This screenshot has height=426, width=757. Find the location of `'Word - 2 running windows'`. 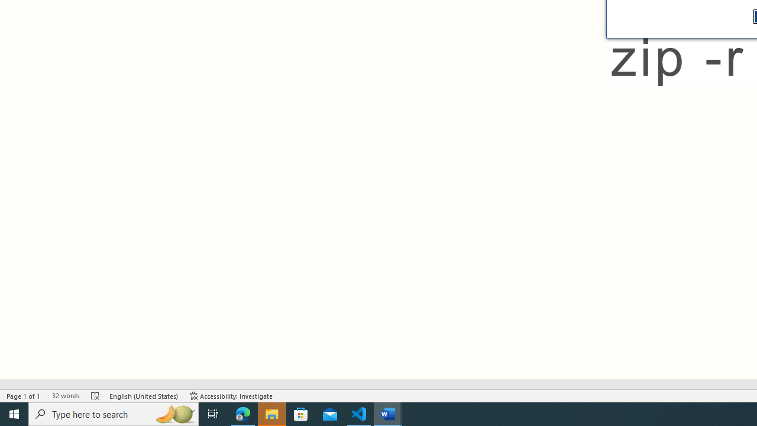

'Word - 2 running windows' is located at coordinates (388, 413).